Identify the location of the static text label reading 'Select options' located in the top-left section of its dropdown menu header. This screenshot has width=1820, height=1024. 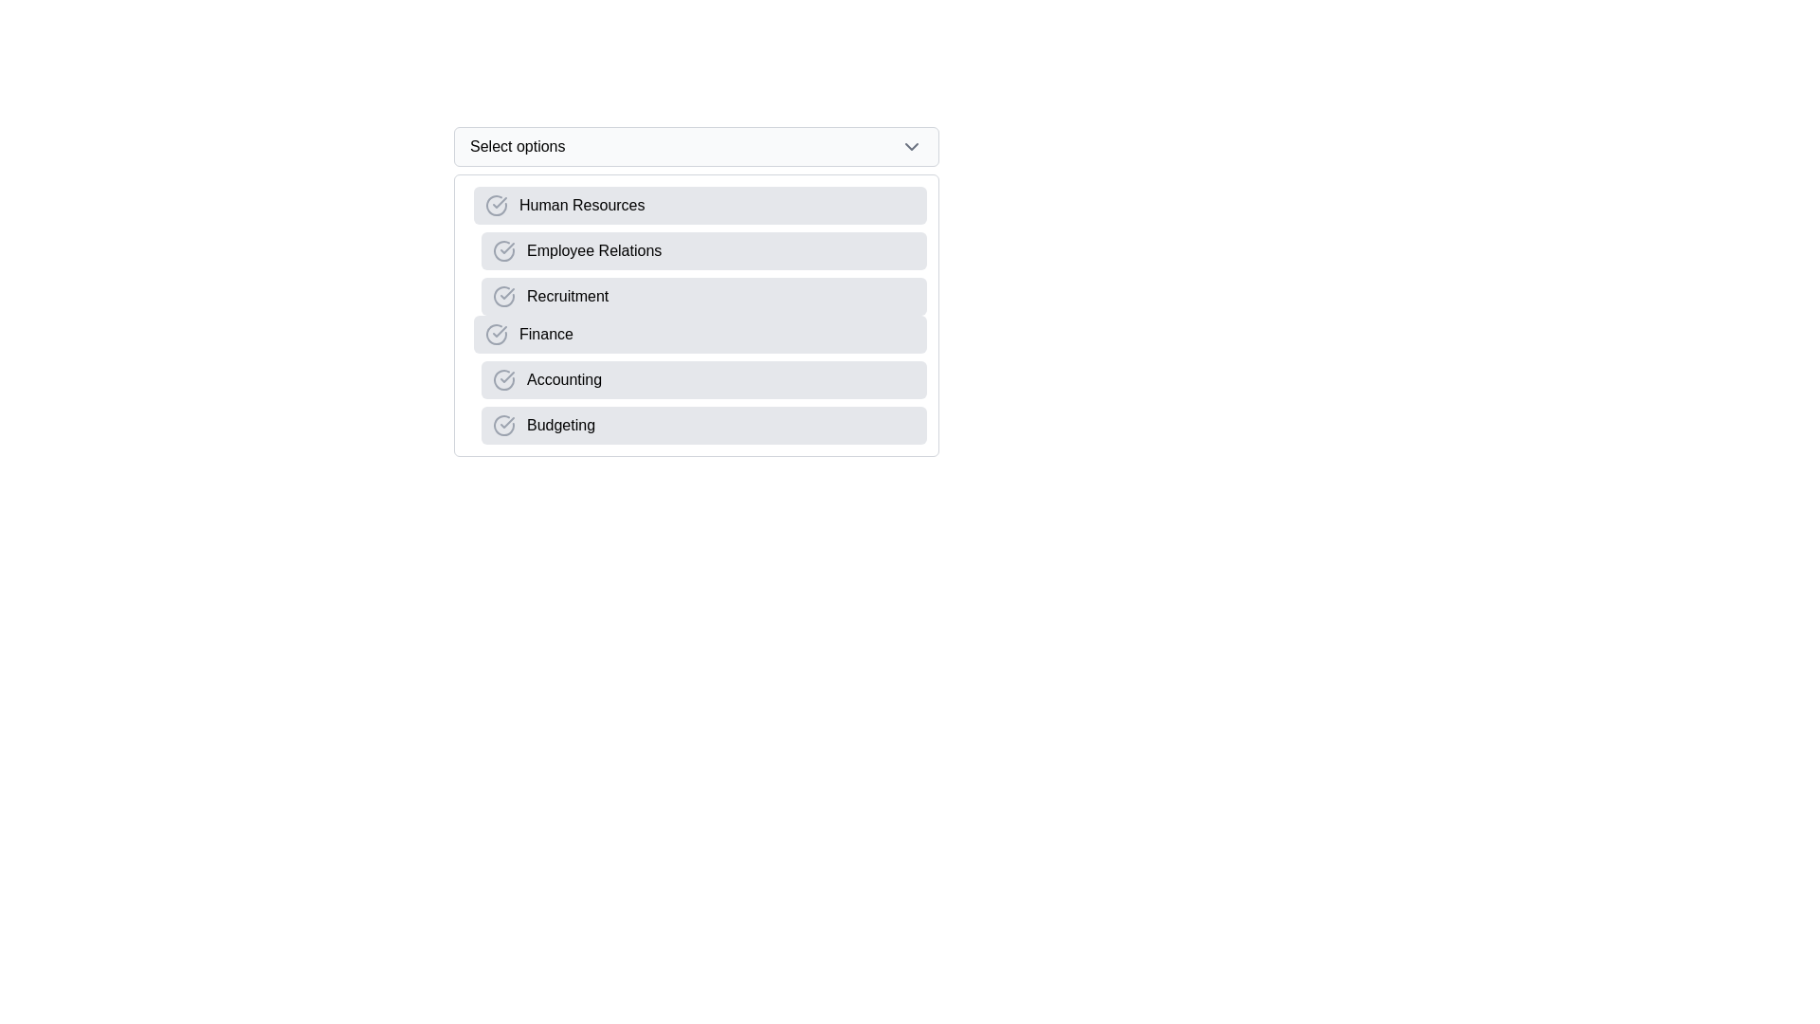
(518, 145).